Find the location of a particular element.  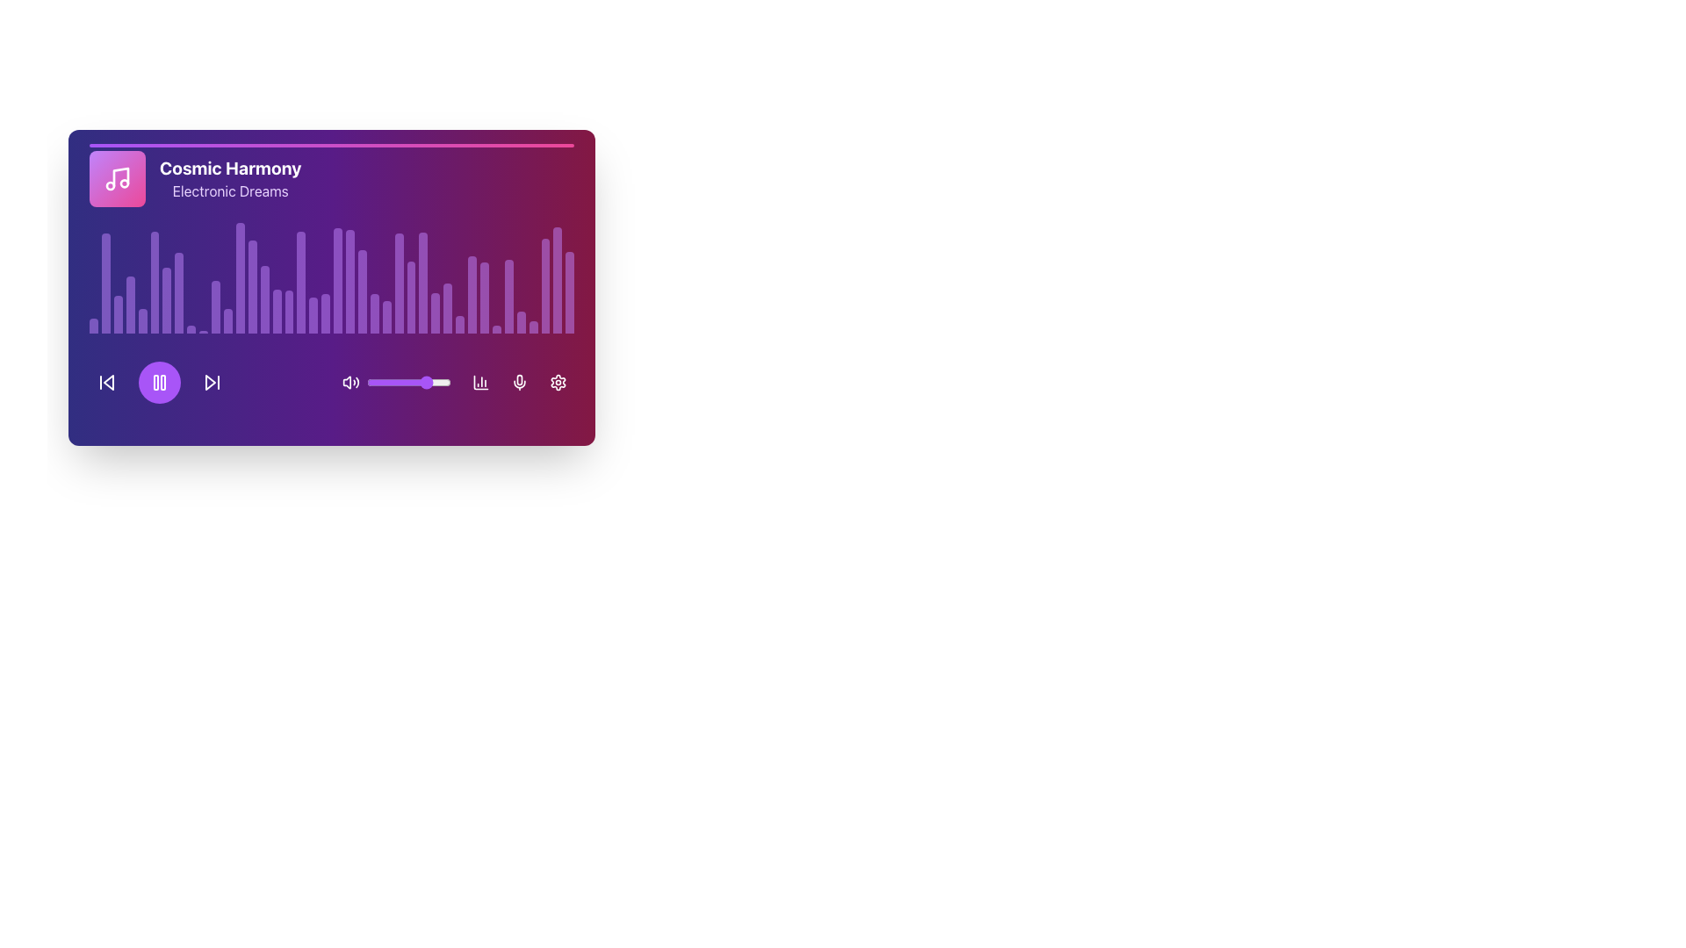

the small, light purple rectangular bar with rounded top corners, which is the thirty-second in a horizontal group of similar bars, located near the bottom right of the visualization component is located at coordinates (495, 329).